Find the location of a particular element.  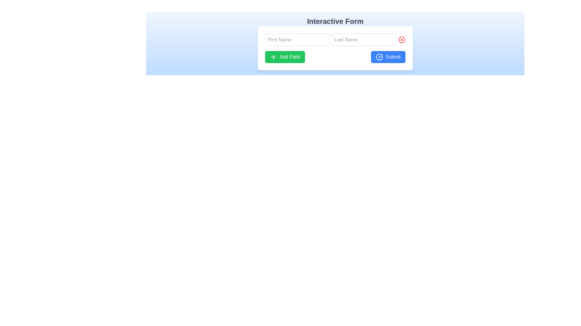

the 'Add Field' icon, which is a plus sign located on the green button labeled 'Add Field', positioned to the left of the button text is located at coordinates (273, 57).